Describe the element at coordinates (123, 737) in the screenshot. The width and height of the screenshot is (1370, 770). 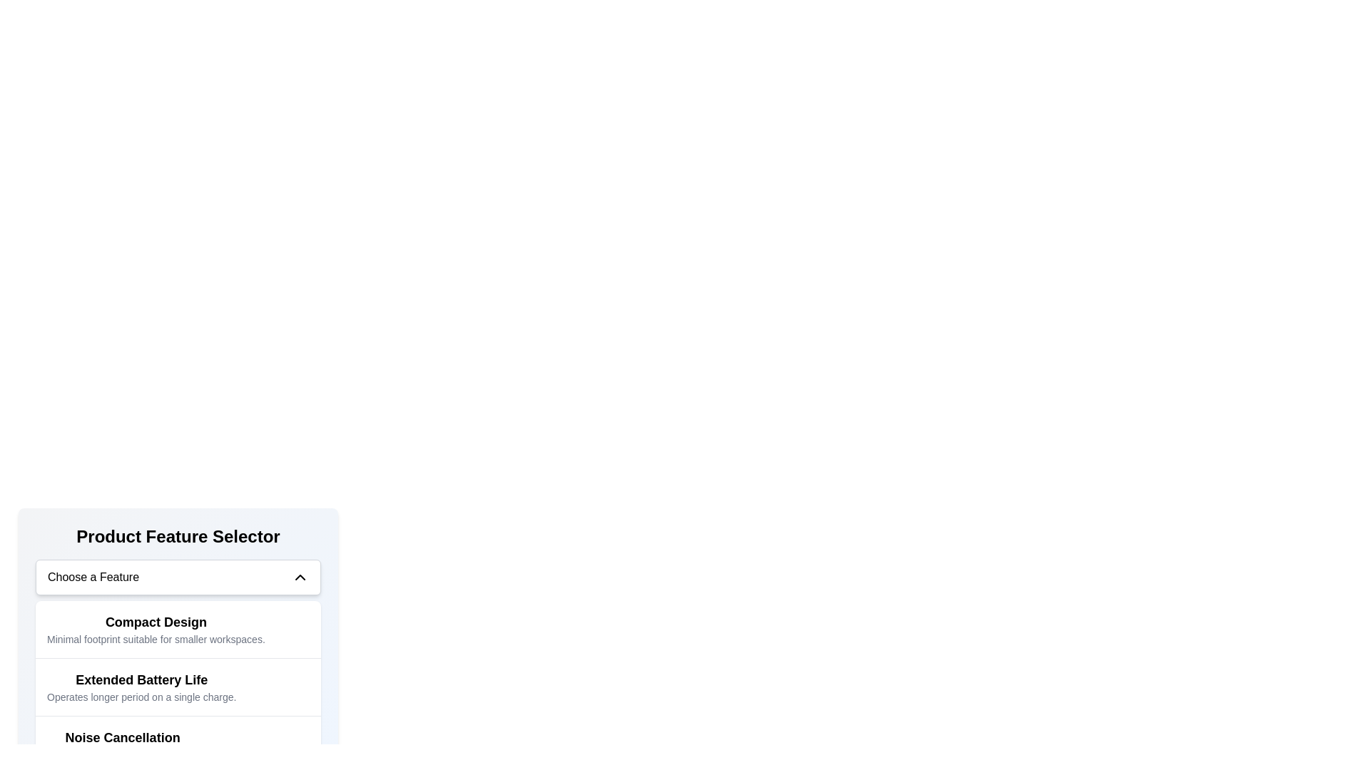
I see `the 'Noise Cancellation' label, which serves as a title for a feature in the 'Product Feature Selector' section, located below 'Extended Battery Life' and above the subtext 'Experience uninterrupted serenity'` at that location.